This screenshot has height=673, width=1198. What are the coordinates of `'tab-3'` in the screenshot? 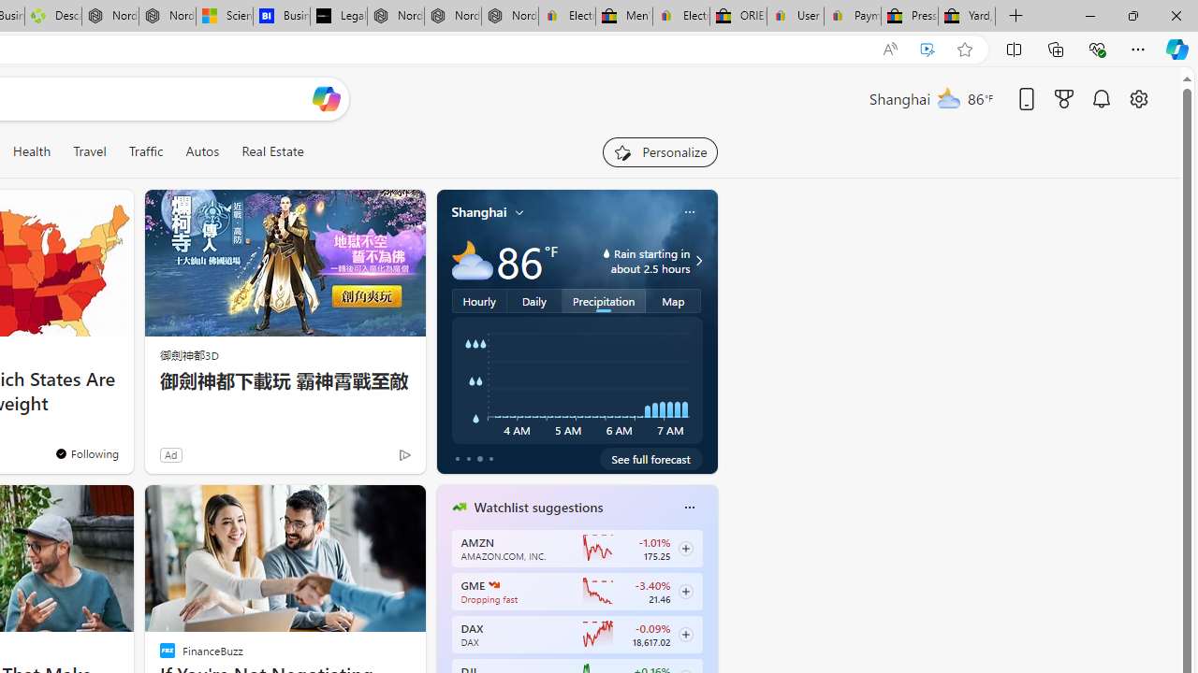 It's located at (490, 459).